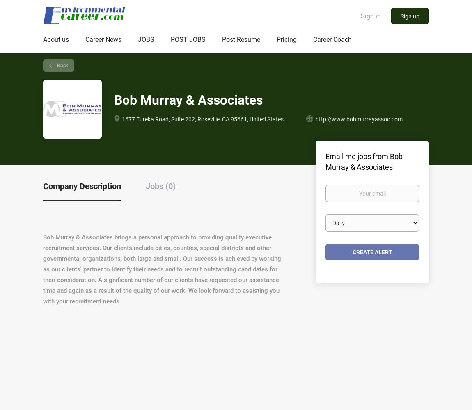 This screenshot has height=410, width=472. I want to click on 'Bob Murray & Associates brings a personal approach to providing quality executive recruitment services. Our clients include cities, counties, special districts and other governmental organizations, both large and small. Our success is achieved by working as our clients' partner to identify their needs and to recruit outstanding candidates for their consideration. A significant number of our clients have requested our assistance time and again as a result of the quality of our work. We look forward to assisting you with your recruitment needs.', so click(162, 269).